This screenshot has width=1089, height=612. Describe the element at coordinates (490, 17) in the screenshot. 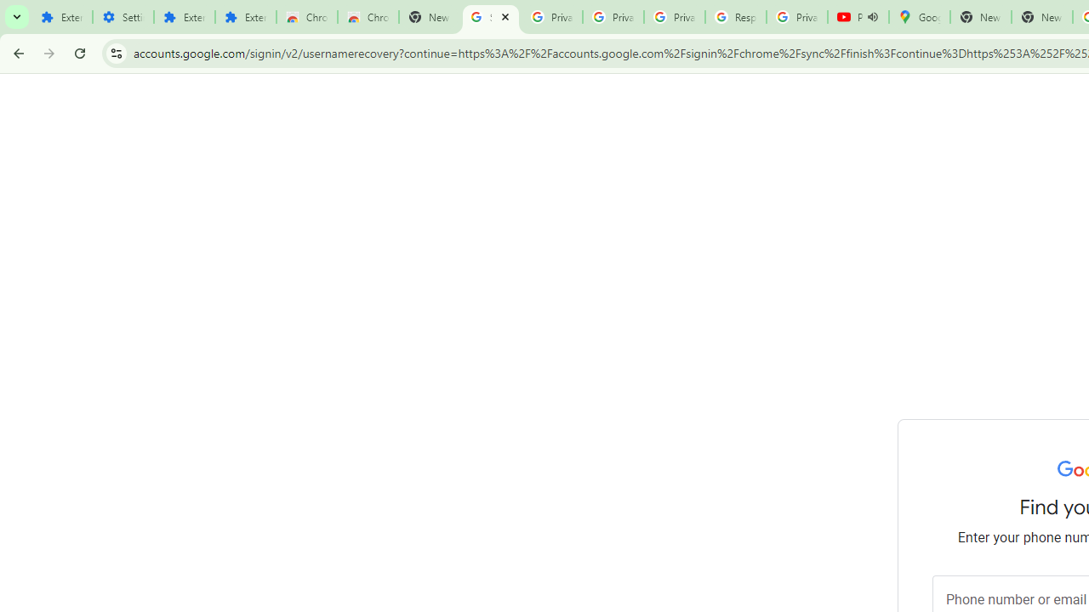

I see `'Sign in - Google Accounts'` at that location.